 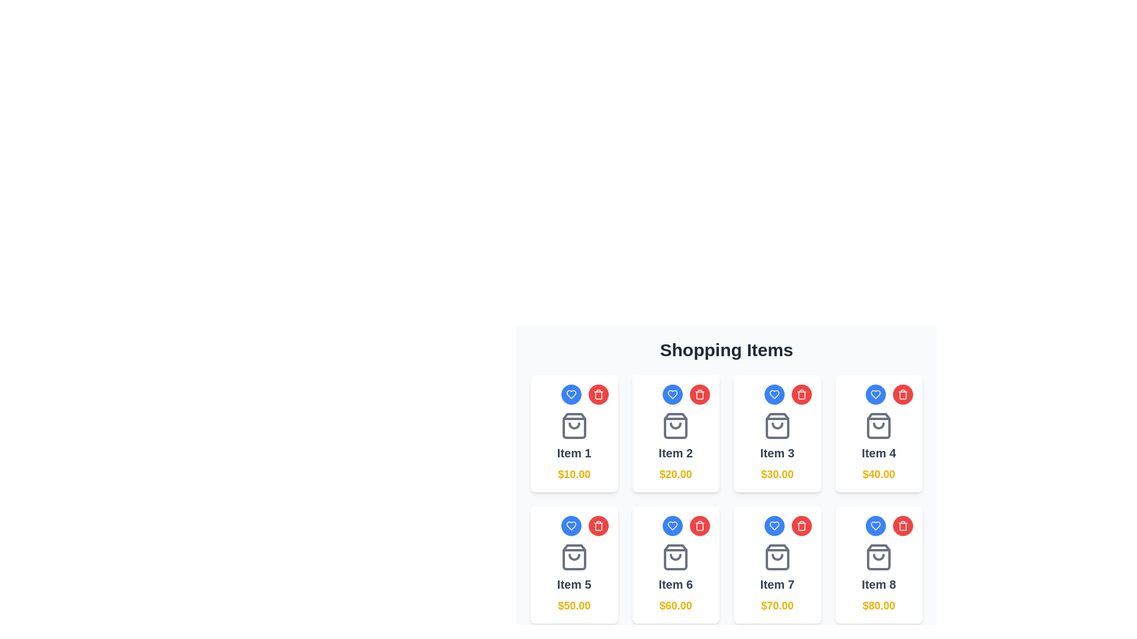 I want to click on the shopping bag icon above 'Item 5' with price '$50.00', outlined in gray and featuring a smile-like line inside, so click(x=574, y=557).